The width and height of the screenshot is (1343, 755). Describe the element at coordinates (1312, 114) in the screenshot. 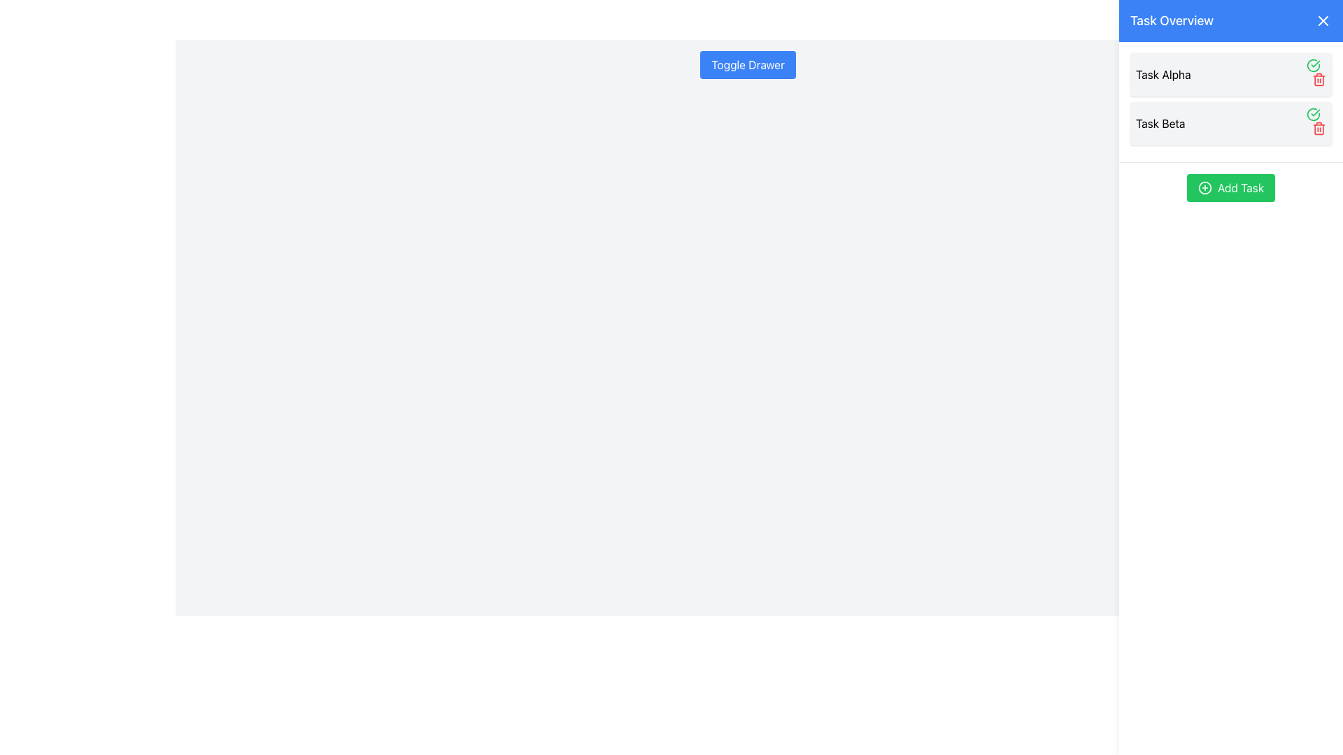

I see `the status indicator icon located to the right of the 'Task Beta' label to mark the task as complete` at that location.